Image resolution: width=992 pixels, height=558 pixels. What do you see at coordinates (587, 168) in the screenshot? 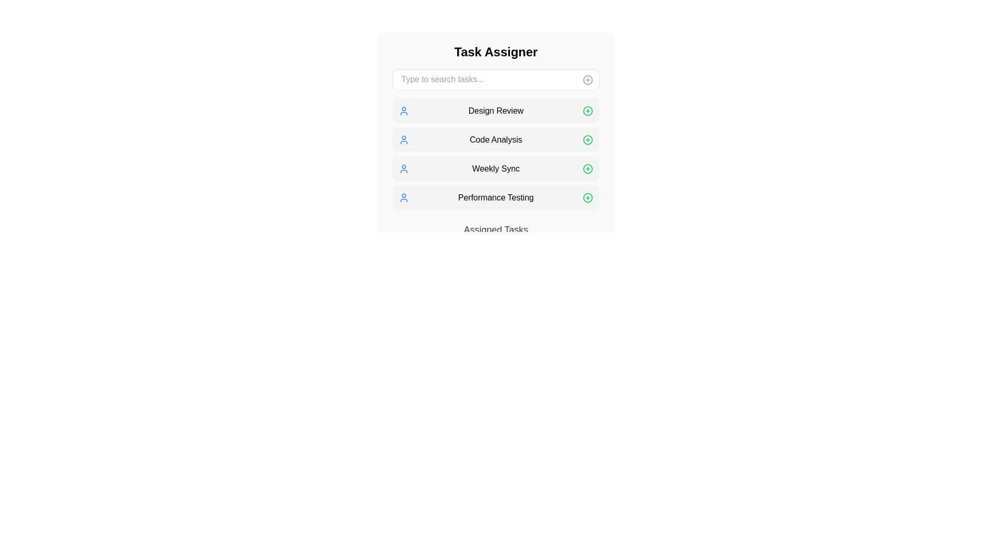
I see `the interactive icon located at the far right of the 'Weekly Sync' list item` at bounding box center [587, 168].